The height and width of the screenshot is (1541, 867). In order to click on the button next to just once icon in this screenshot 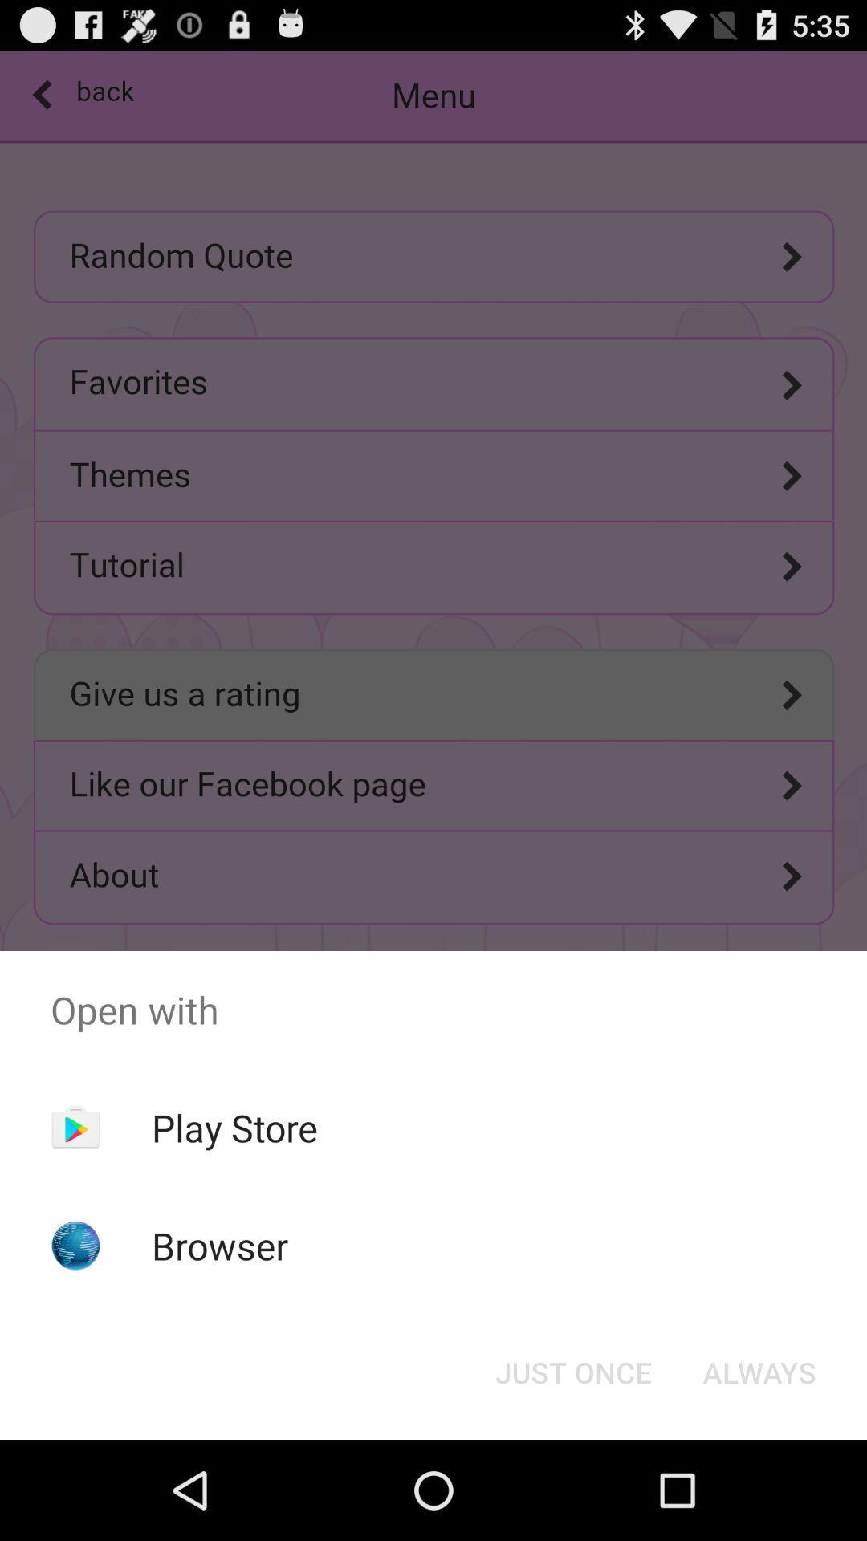, I will do `click(759, 1371)`.